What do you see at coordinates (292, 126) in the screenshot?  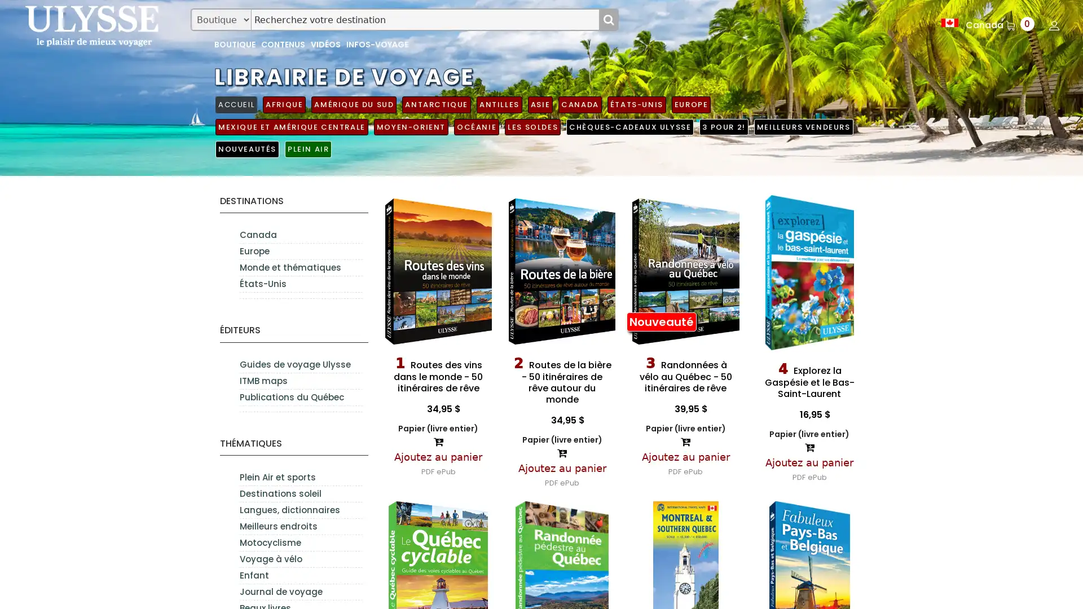 I see `MEXIQUE ET AMERIQUE CENTRALE` at bounding box center [292, 126].